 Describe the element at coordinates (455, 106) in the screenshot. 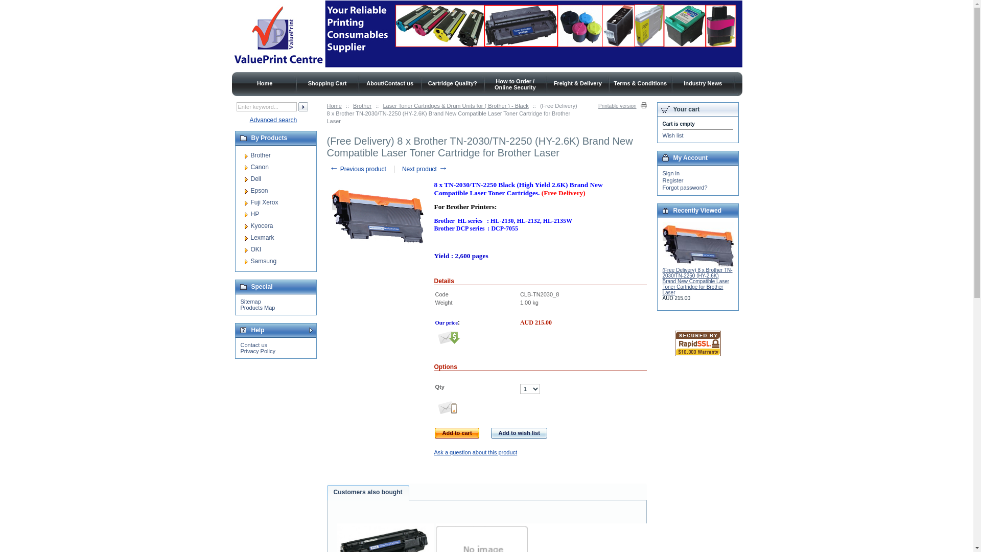

I see `'Laser Toner Cartridges & Drum Units for ( Brother ) - Black'` at that location.